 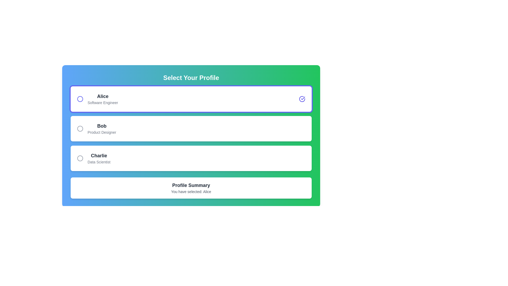 I want to click on the text label displaying the name 'Charlie', which is the first line of text in the third profile selection card labeled 'Charlie - Data Scientist', so click(x=99, y=155).